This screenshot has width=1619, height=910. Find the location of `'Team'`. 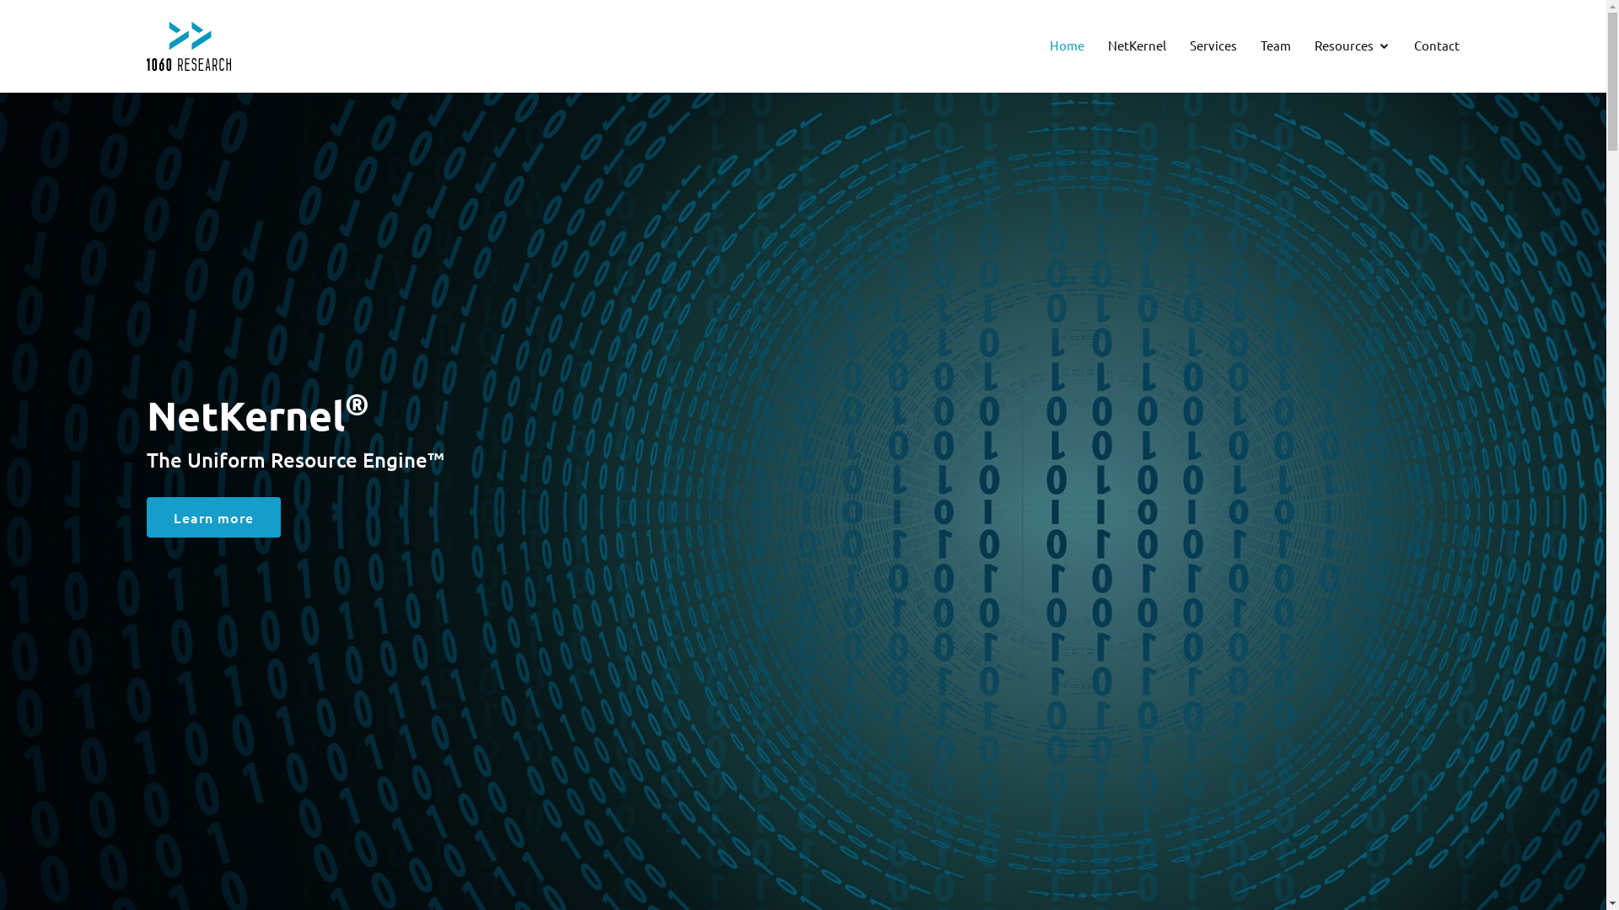

'Team' is located at coordinates (1260, 45).